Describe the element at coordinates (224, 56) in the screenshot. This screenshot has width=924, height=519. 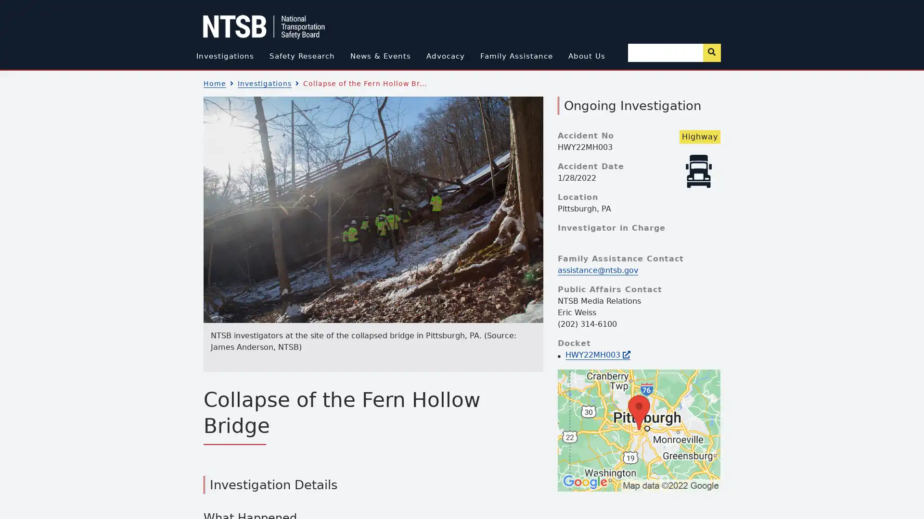
I see `Investigations` at that location.